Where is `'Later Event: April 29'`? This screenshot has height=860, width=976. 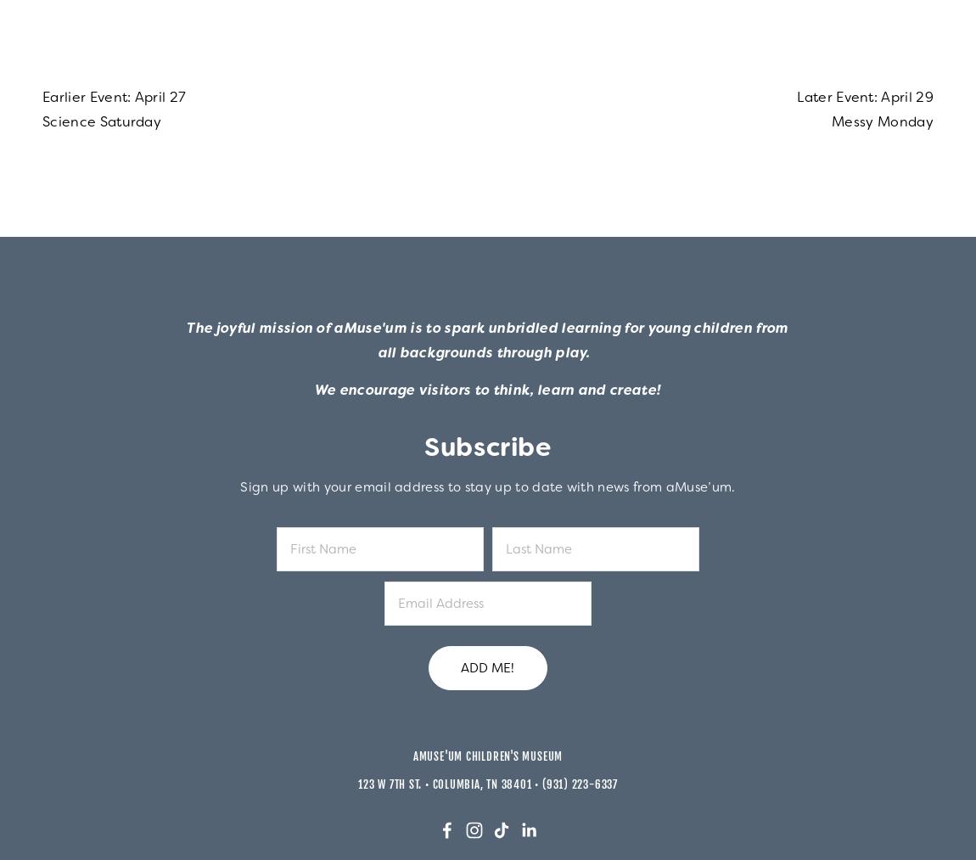 'Later Event: April 29' is located at coordinates (865, 97).